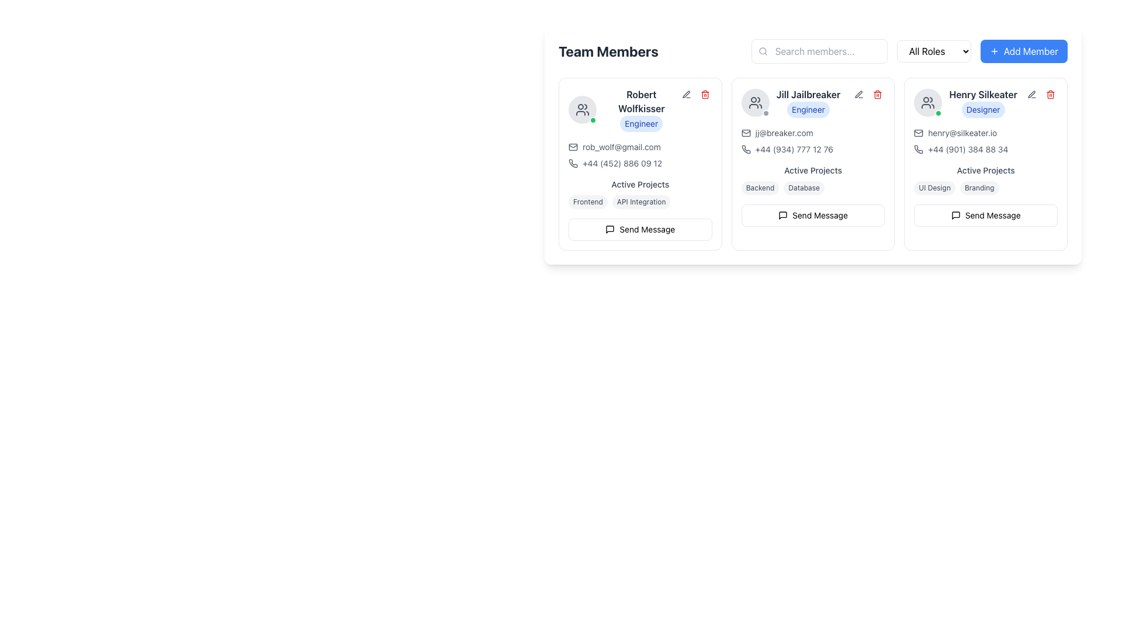 The height and width of the screenshot is (631, 1122). What do you see at coordinates (933, 51) in the screenshot?
I see `the 'All Roles' dropdown menu` at bounding box center [933, 51].